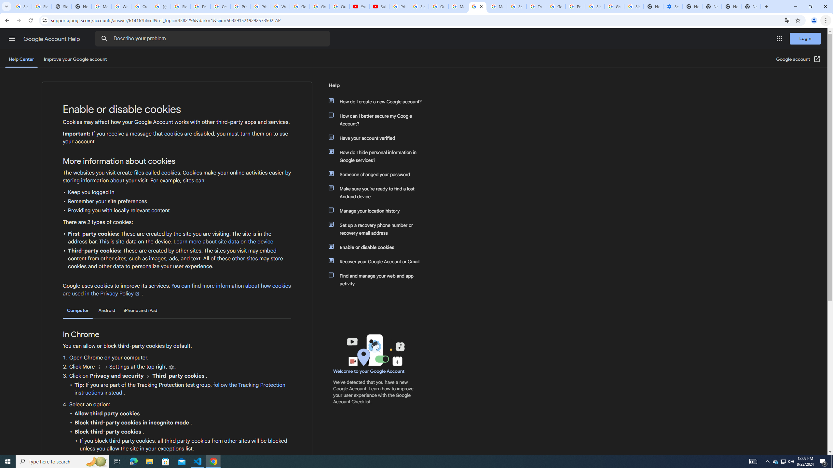 This screenshot has width=833, height=468. Describe the element at coordinates (614, 6) in the screenshot. I see `'Google Cybersecurity Innovations - Google Safety Center'` at that location.